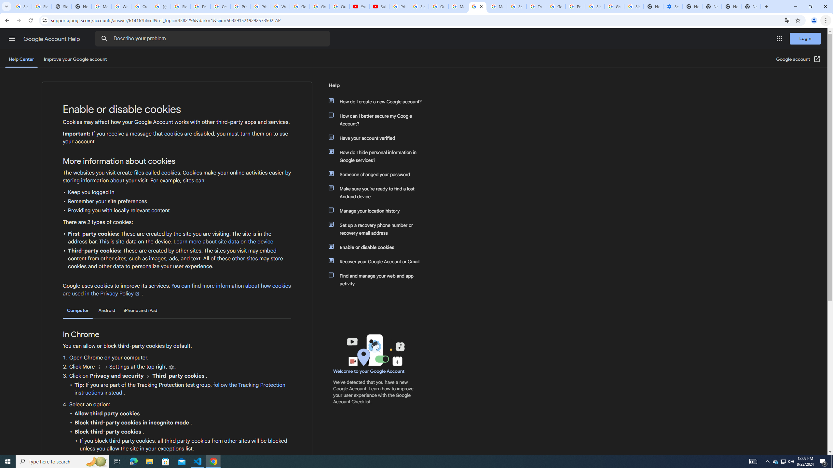 This screenshot has width=833, height=468. Describe the element at coordinates (614, 6) in the screenshot. I see `'Google Cybersecurity Innovations - Google Safety Center'` at that location.